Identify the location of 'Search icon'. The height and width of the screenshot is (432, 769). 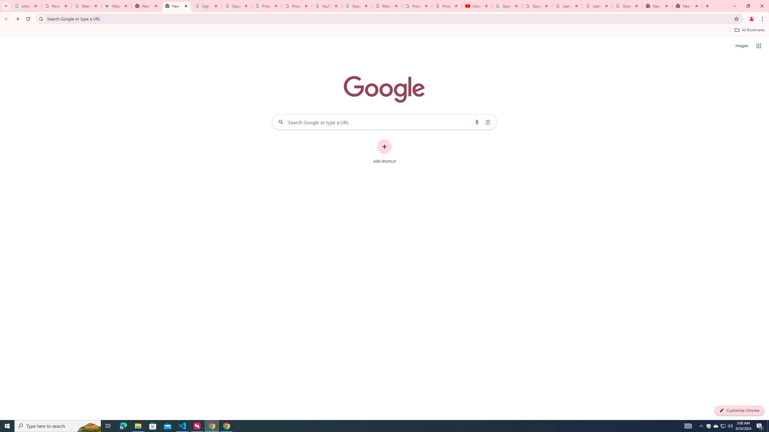
(41, 18).